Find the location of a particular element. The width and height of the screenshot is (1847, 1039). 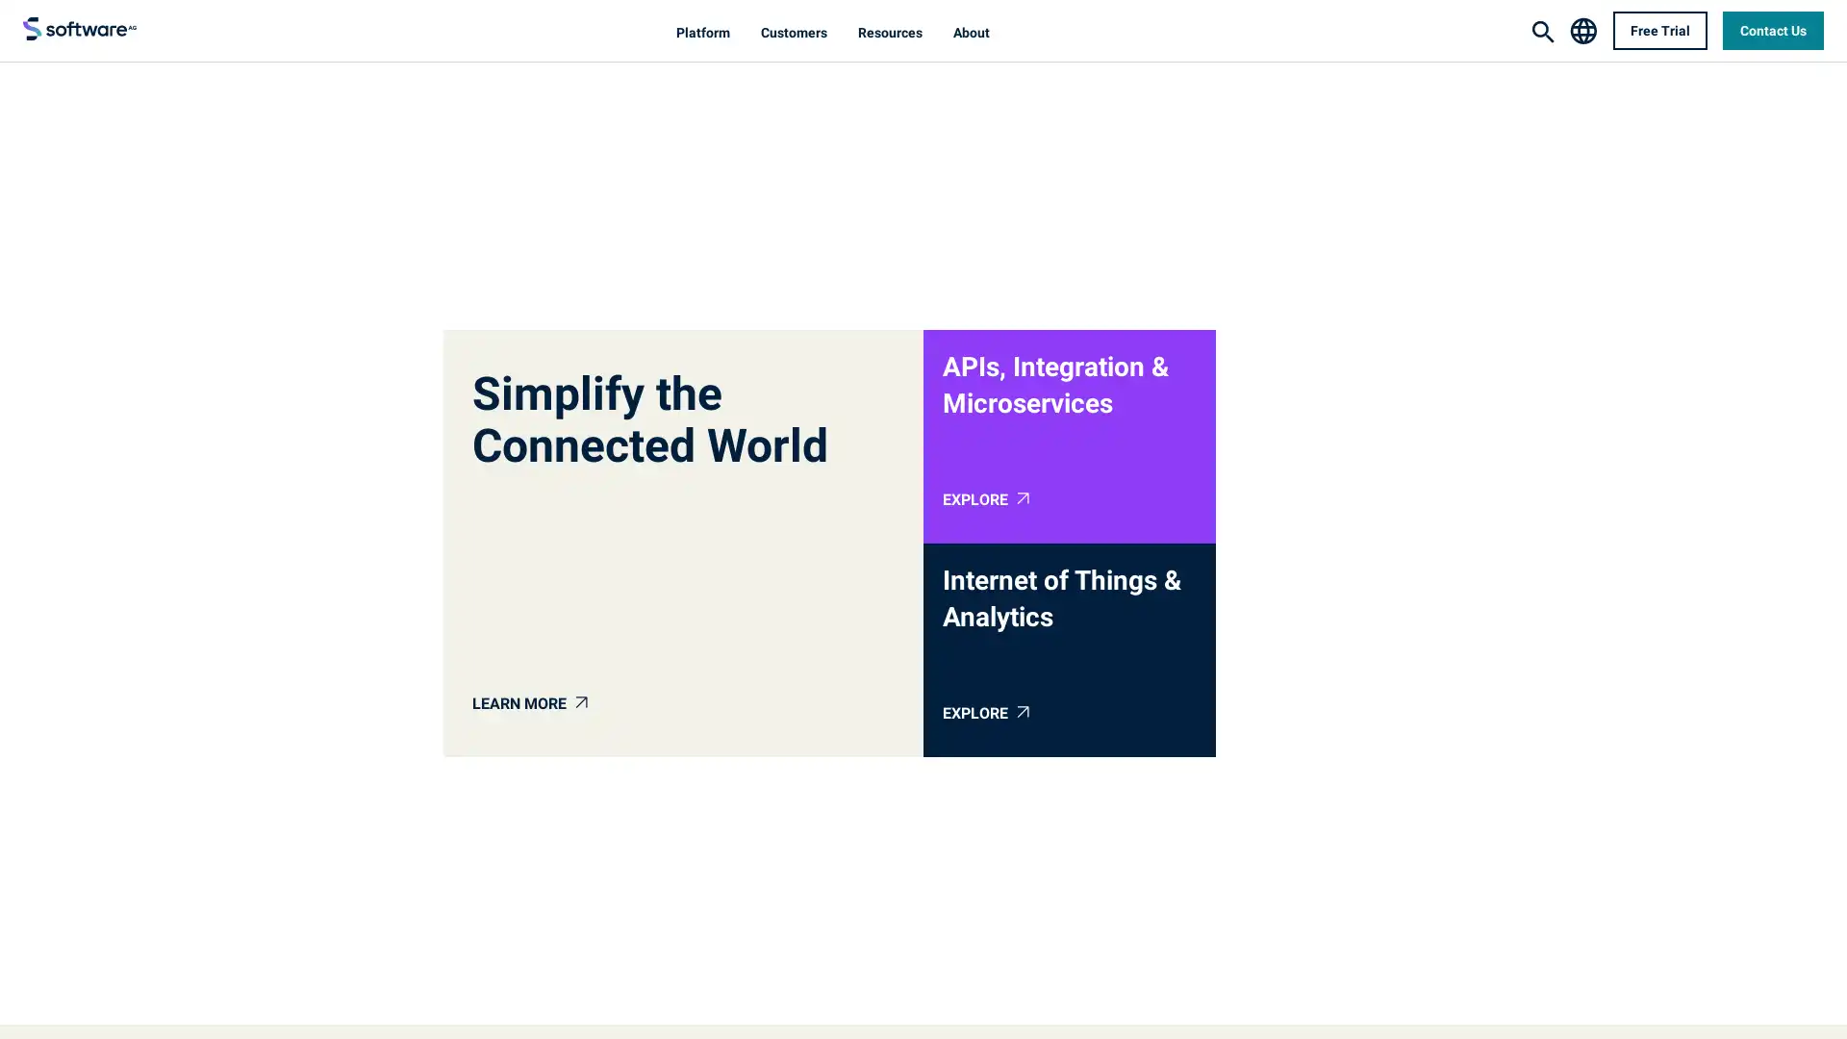

Search is located at coordinates (1542, 32).